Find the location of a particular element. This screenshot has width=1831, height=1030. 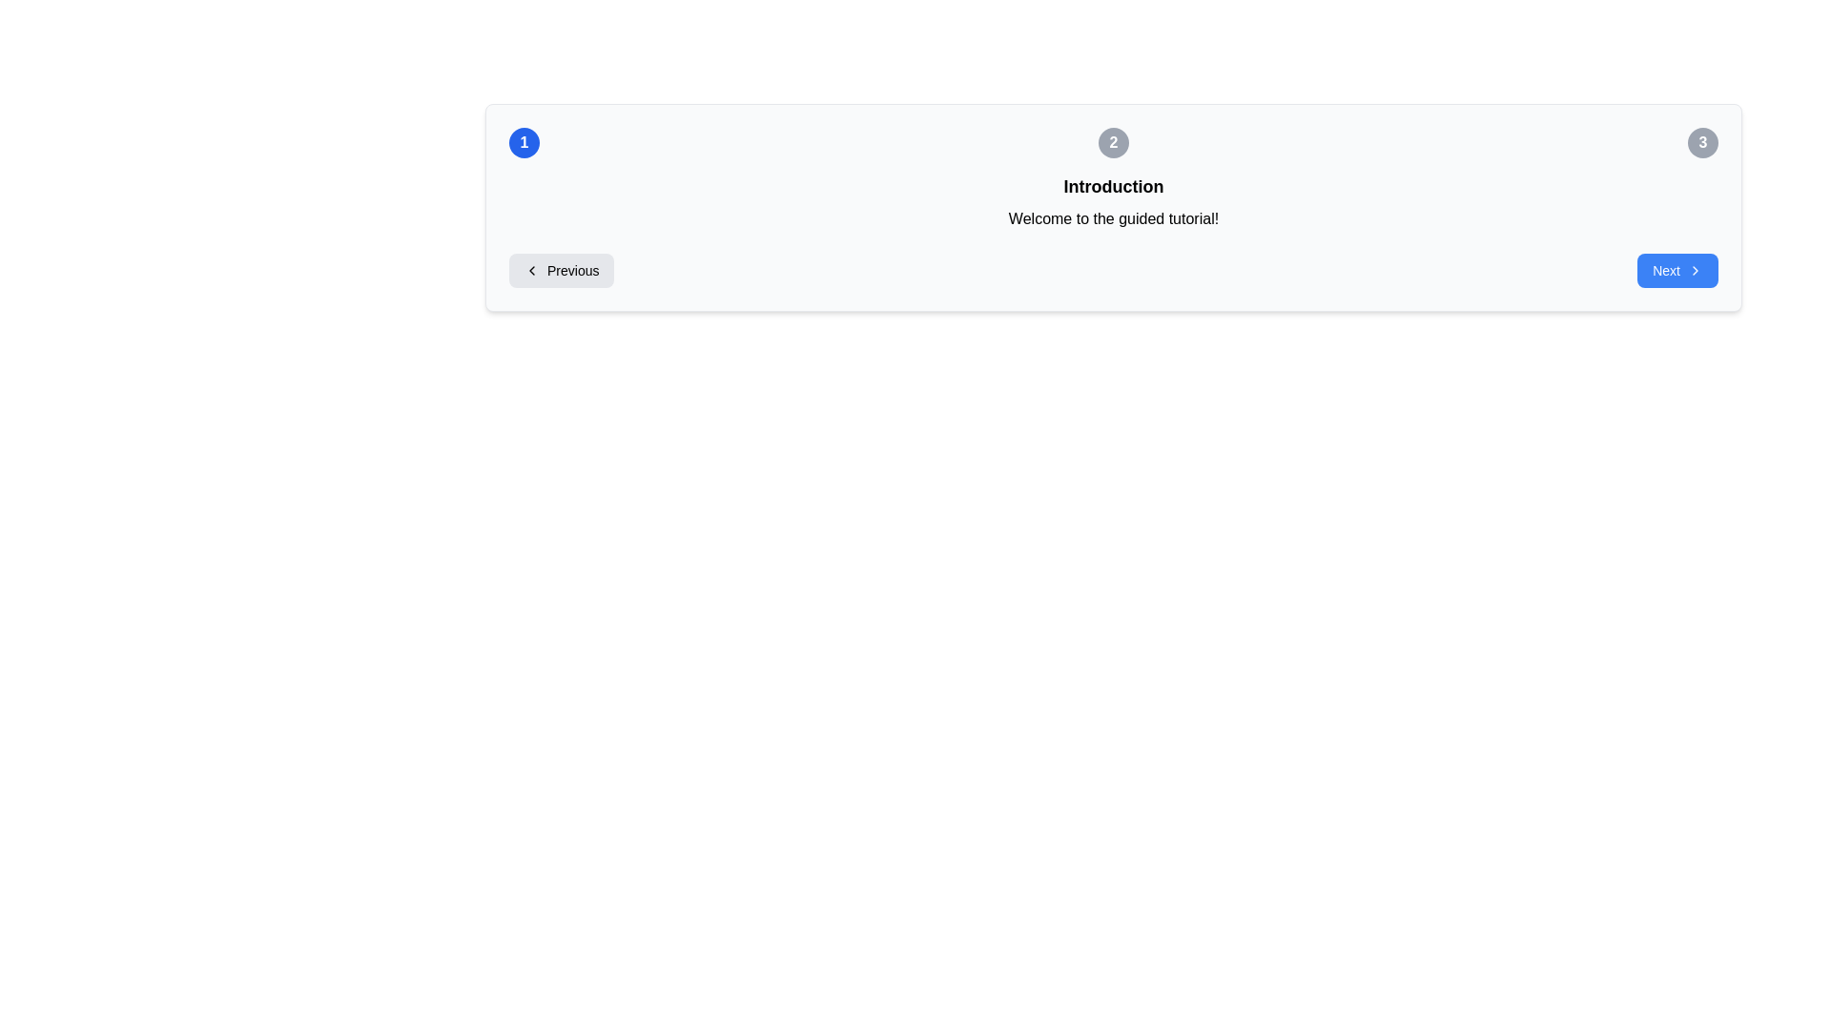

the text element containing 'Introduction', which is styled in bold and larger font, located at the top of the section is located at coordinates (1113, 187).